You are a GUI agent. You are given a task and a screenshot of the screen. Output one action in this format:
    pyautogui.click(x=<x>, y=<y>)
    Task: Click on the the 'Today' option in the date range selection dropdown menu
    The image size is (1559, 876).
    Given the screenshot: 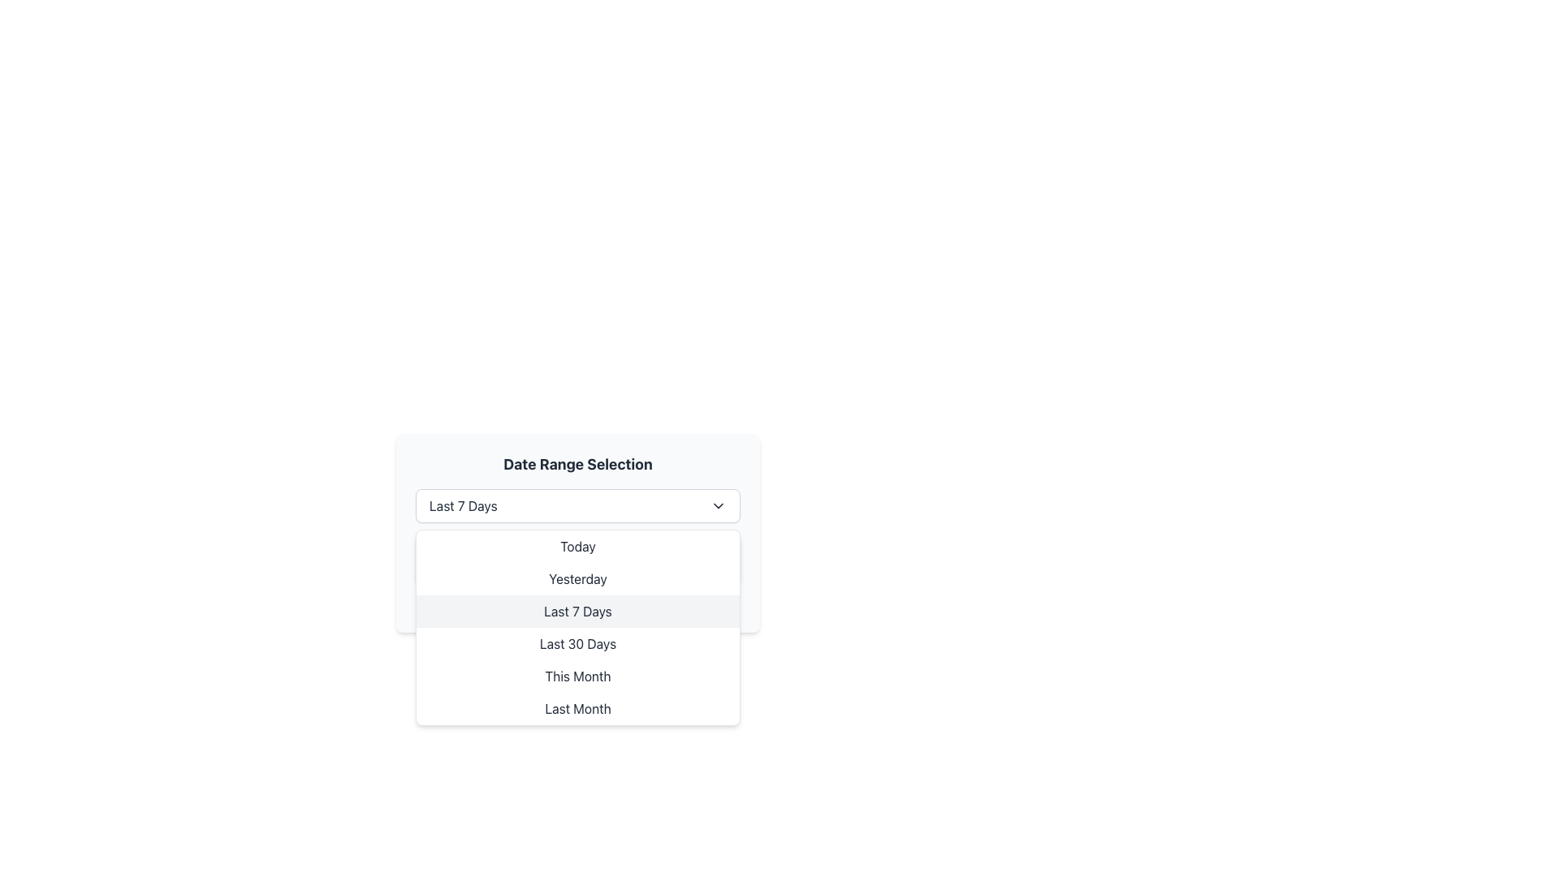 What is the action you would take?
    pyautogui.click(x=577, y=547)
    